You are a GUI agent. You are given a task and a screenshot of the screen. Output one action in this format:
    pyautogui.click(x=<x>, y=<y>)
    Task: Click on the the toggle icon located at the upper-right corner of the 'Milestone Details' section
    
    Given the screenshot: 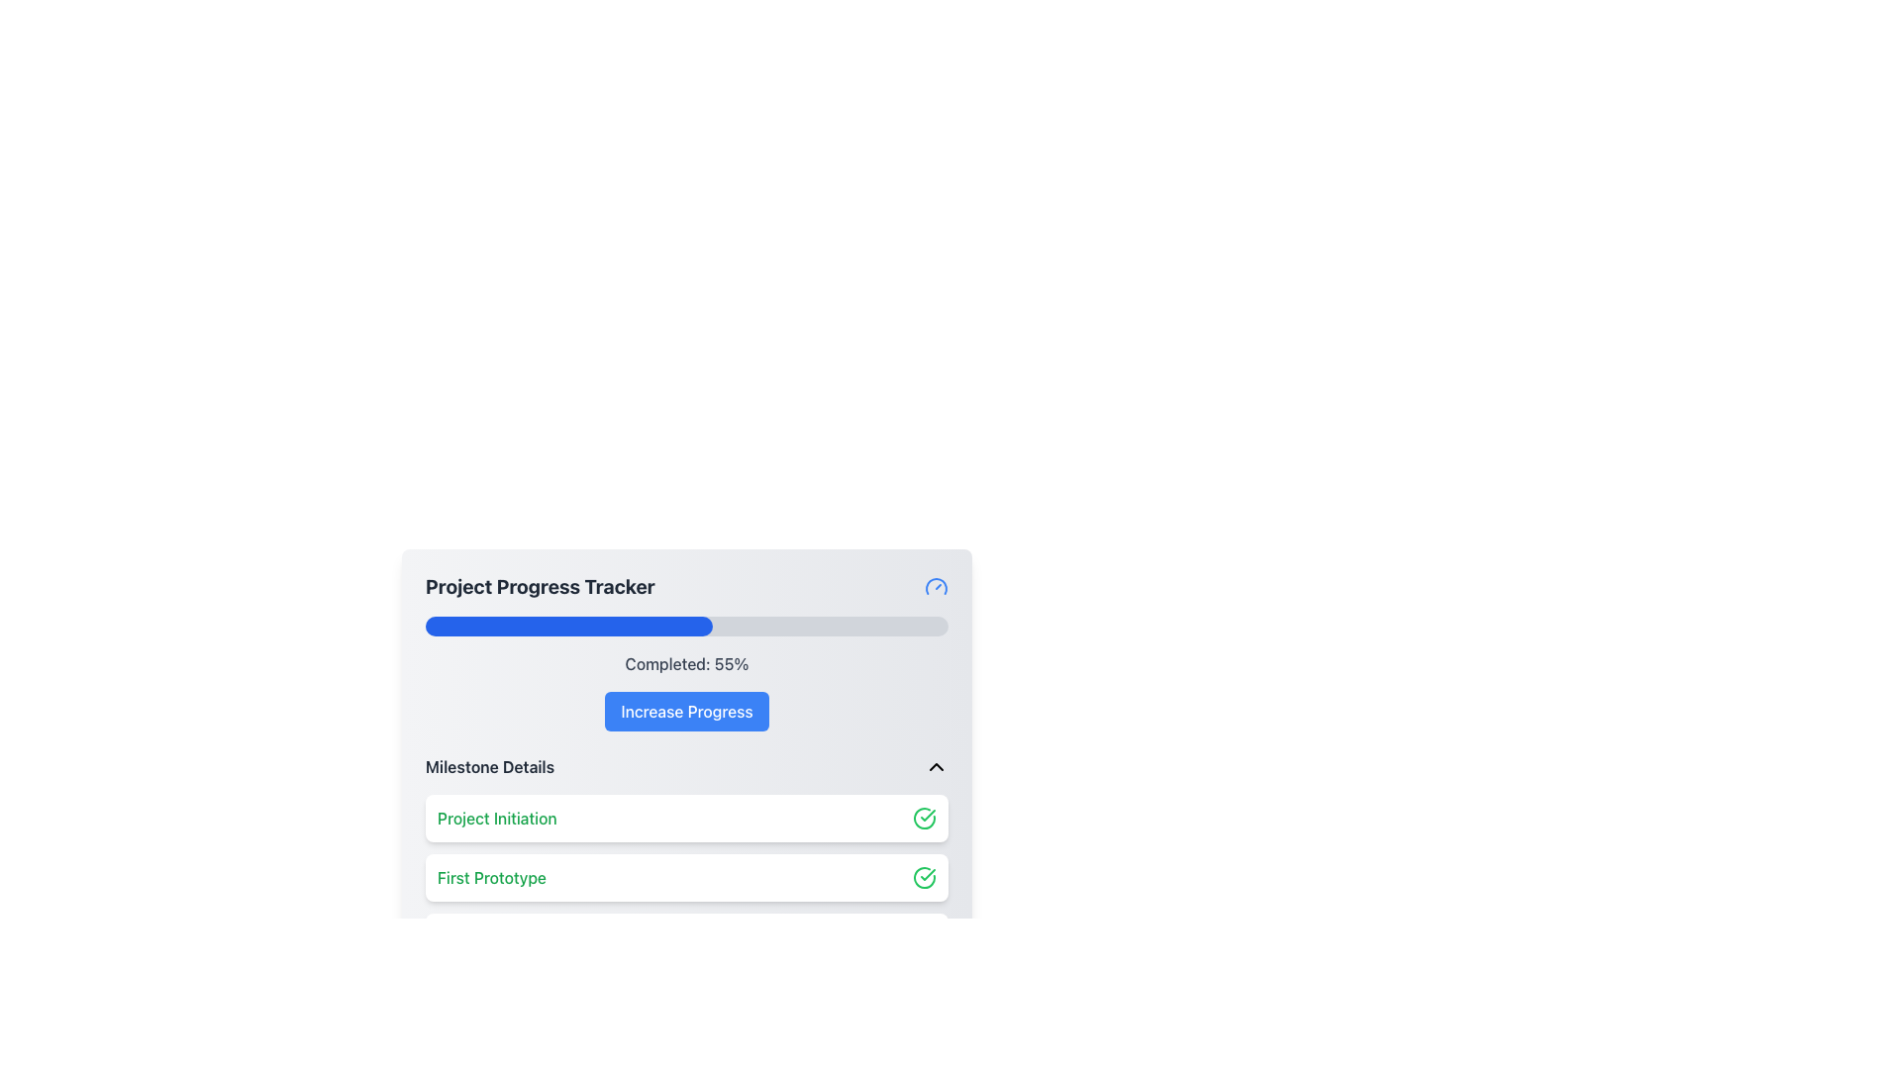 What is the action you would take?
    pyautogui.click(x=935, y=766)
    